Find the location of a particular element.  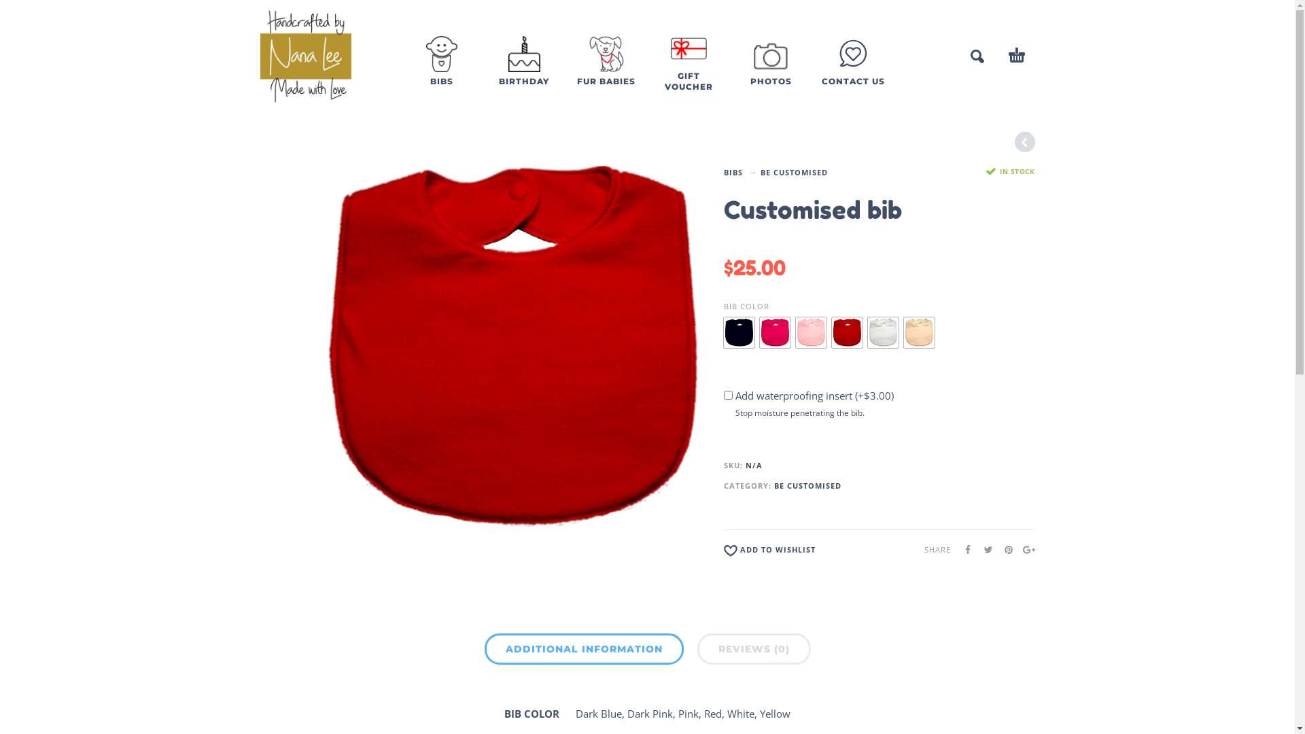

'Share on Google+' is located at coordinates (1024, 548).